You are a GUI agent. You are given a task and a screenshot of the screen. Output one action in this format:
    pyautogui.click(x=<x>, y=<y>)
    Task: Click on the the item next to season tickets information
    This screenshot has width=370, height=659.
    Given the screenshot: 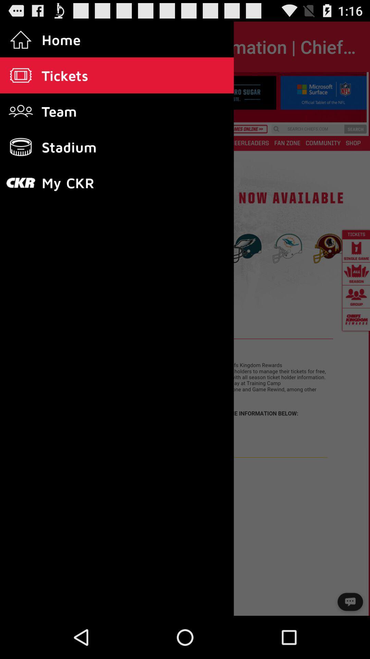 What is the action you would take?
    pyautogui.click(x=25, y=46)
    